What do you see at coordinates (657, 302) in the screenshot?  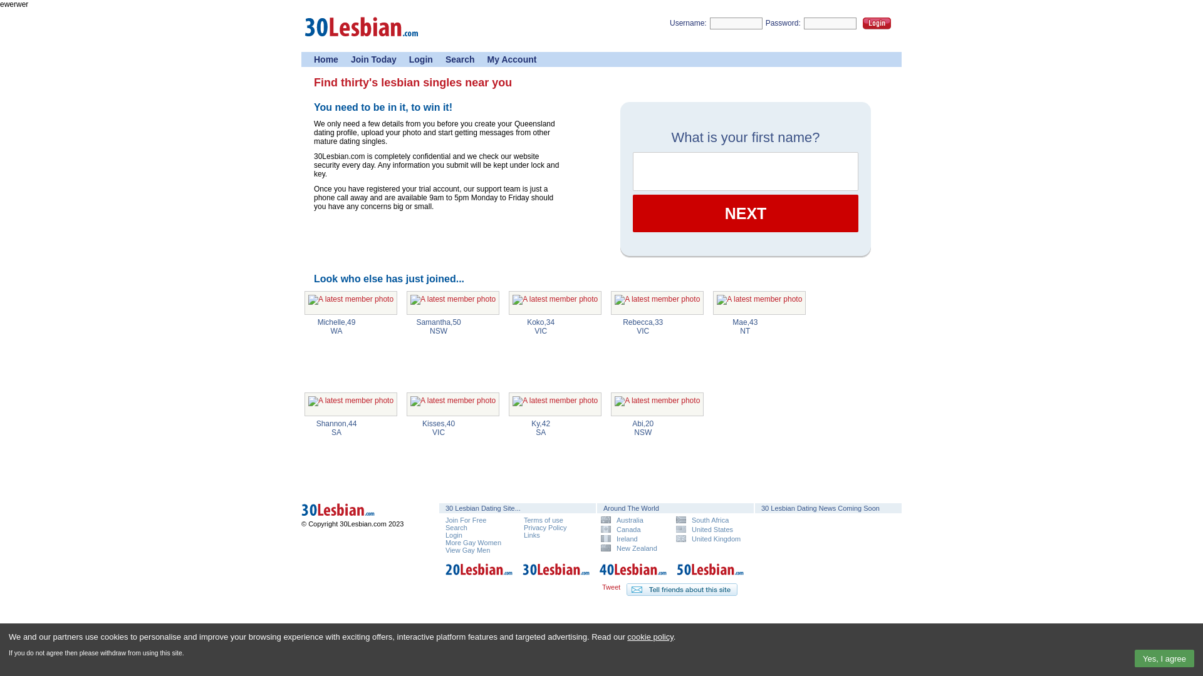 I see `'Rebecca, 33 from Mildura, VIC'` at bounding box center [657, 302].